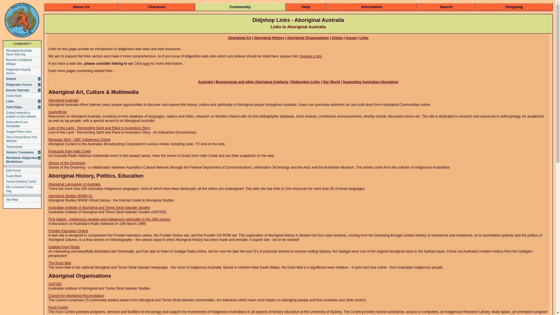 This screenshot has height=315, width=560. Describe the element at coordinates (370, 82) in the screenshot. I see `'Supporting Australian Aborigines'` at that location.